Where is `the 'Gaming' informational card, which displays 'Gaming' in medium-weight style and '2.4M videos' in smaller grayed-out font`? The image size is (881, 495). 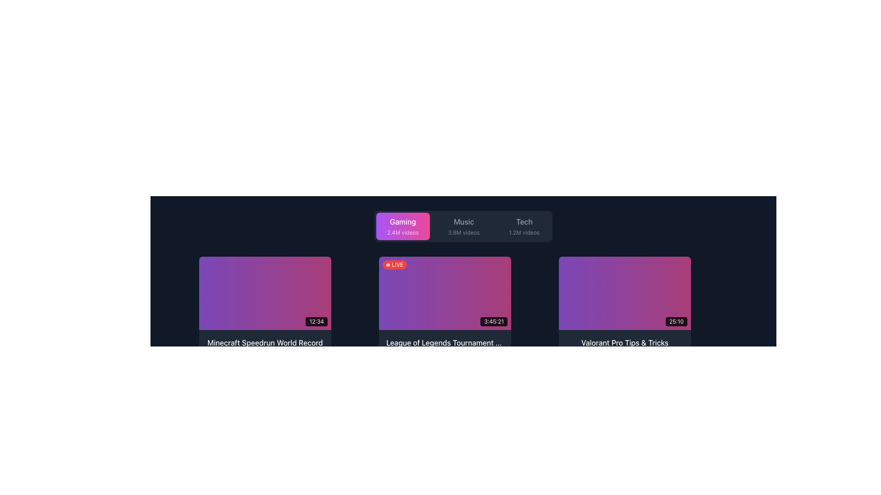 the 'Gaming' informational card, which displays 'Gaming' in medium-weight style and '2.4M videos' in smaller grayed-out font is located at coordinates (403, 226).